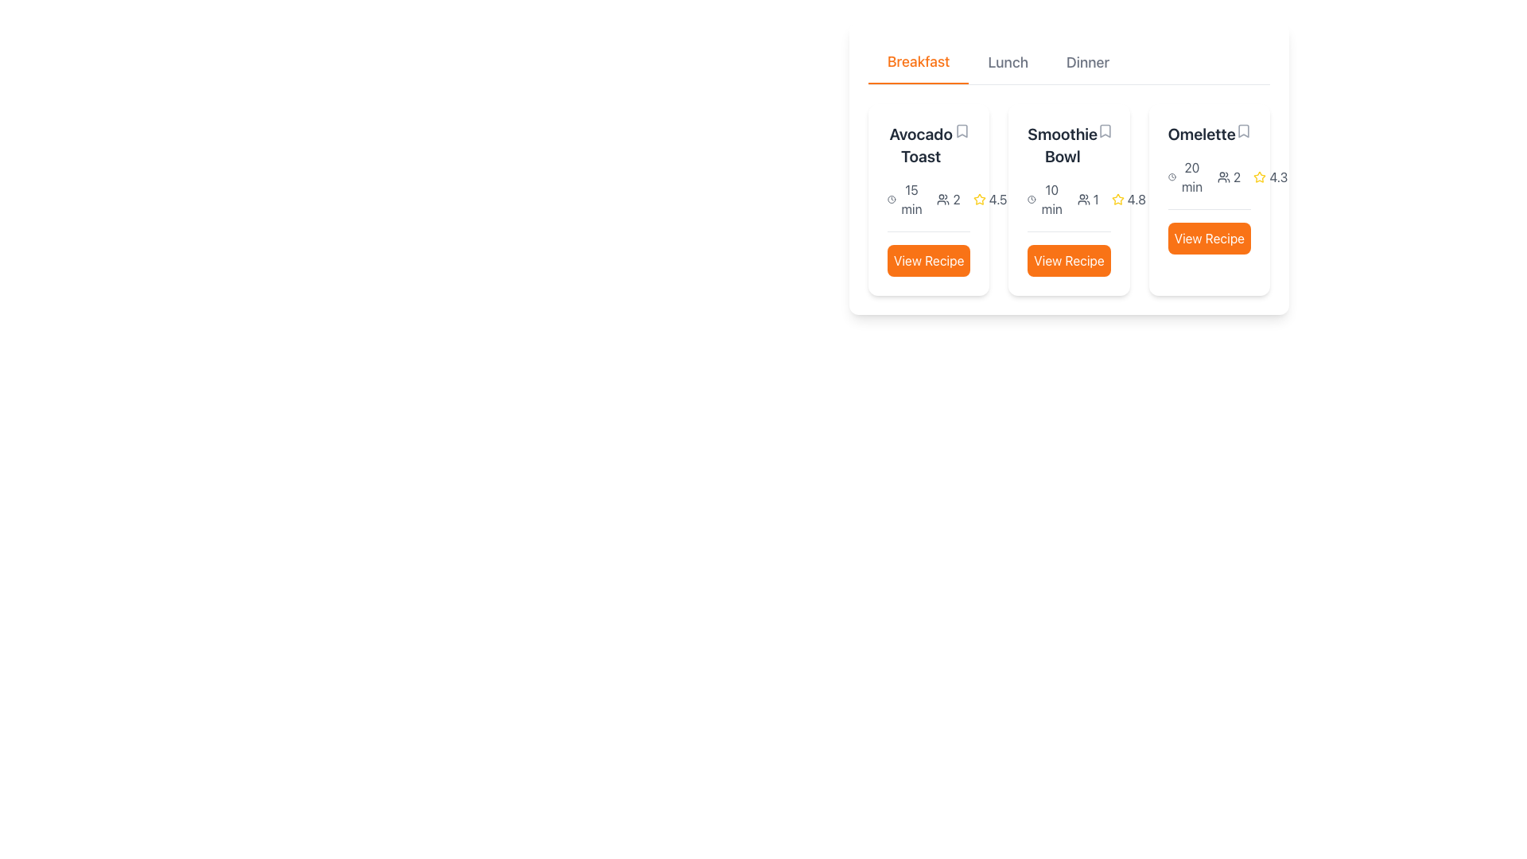  I want to click on informational display showing '20 min' and '2' located in the upper-middle portion of the 'Omelette' card, positioned between the title 'Omelette' and the button 'View Recipe', so click(1209, 177).